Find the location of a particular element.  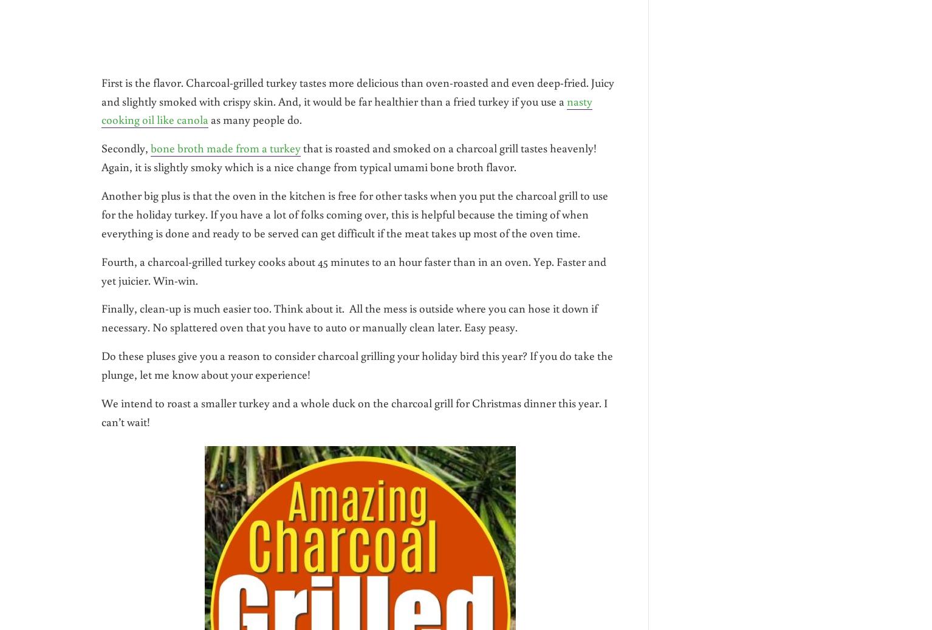

'that is roasted and smoked on a charcoal grill tastes heavenly! Again, it is slightly smoky which is a nice change from typical umami bone broth flavor.' is located at coordinates (101, 156).